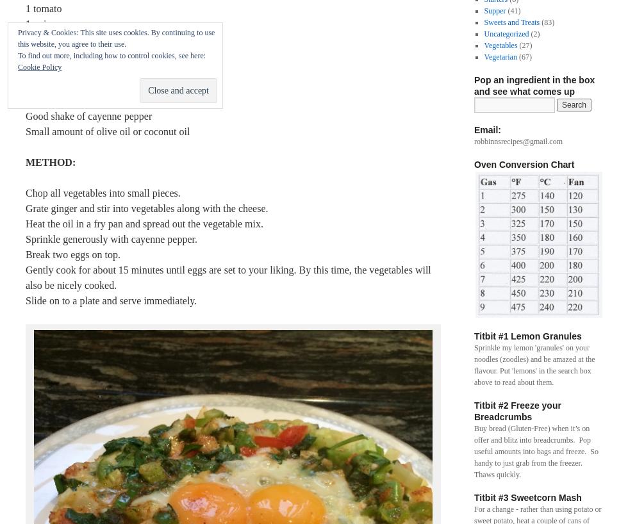  Describe the element at coordinates (88, 115) in the screenshot. I see `'Good shake of cayenne pepper'` at that location.